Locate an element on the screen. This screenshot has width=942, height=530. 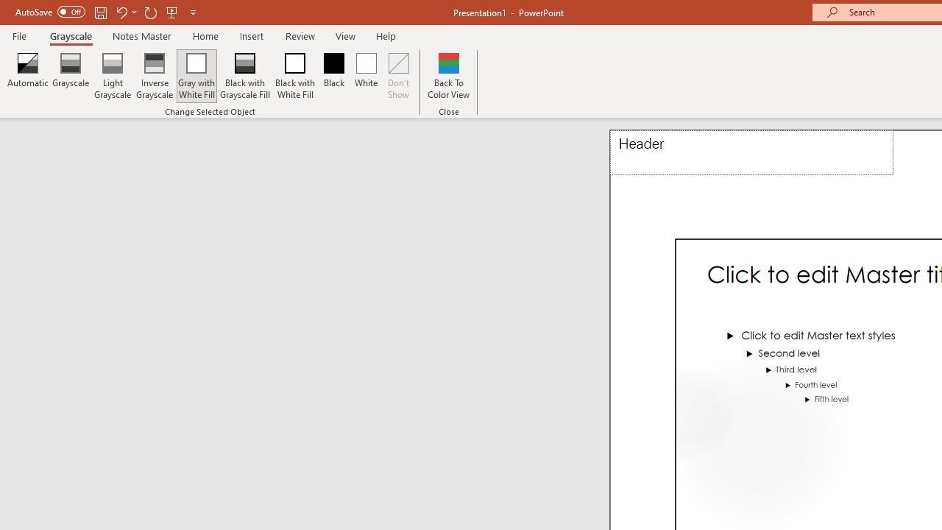
'Notes Master' is located at coordinates (142, 35).